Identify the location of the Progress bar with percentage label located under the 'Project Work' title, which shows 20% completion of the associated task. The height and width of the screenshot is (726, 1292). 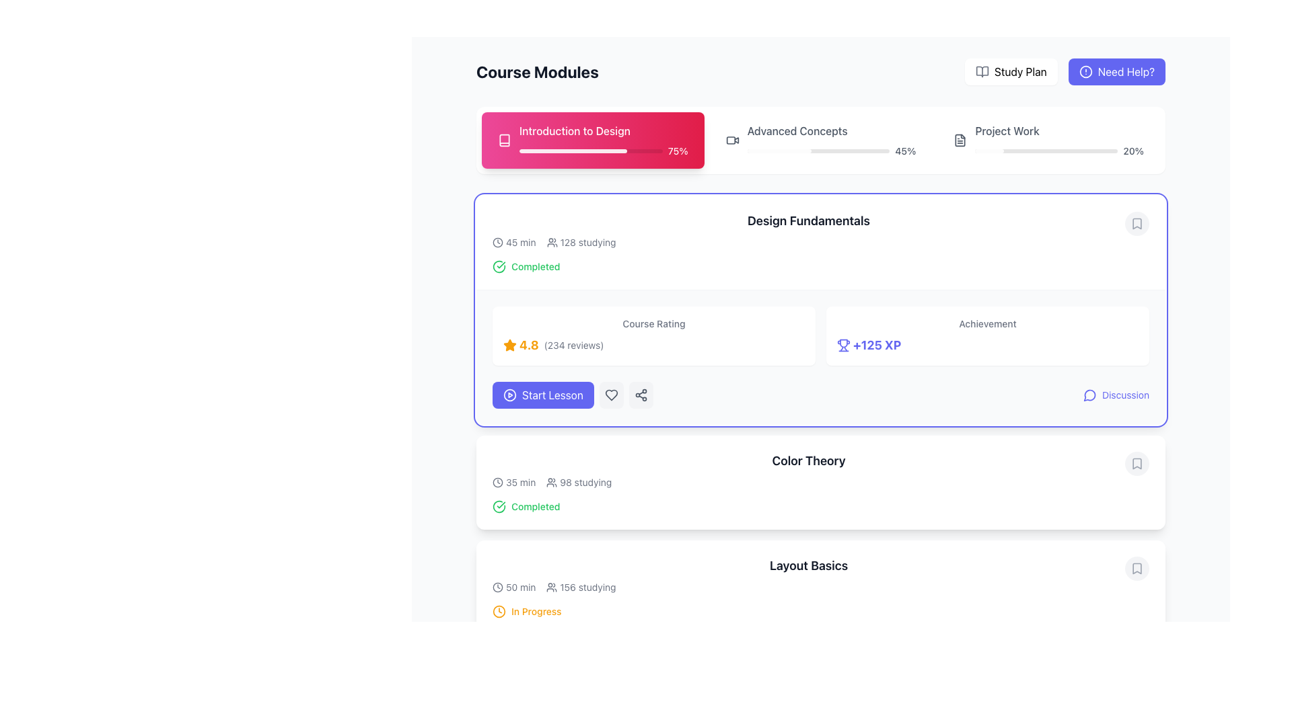
(1058, 151).